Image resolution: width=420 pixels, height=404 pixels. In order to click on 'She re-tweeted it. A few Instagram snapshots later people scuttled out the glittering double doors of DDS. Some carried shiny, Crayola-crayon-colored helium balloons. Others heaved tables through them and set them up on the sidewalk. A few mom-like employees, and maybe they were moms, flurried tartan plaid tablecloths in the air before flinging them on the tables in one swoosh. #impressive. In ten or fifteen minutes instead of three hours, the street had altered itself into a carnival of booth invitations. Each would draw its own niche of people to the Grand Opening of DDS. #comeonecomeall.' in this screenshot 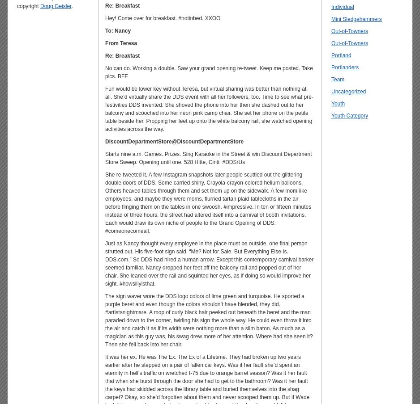, I will do `click(207, 202)`.